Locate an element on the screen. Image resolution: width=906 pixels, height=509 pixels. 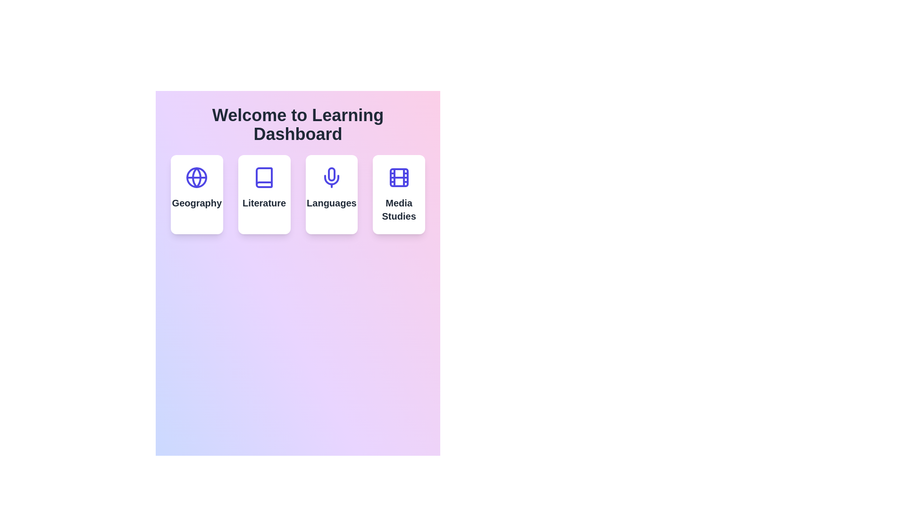
the Decorative SVG rectangle that enhances the visual representation of the 'Media Studies' card, located in the fourth column of the dashboard interface is located at coordinates (399, 178).